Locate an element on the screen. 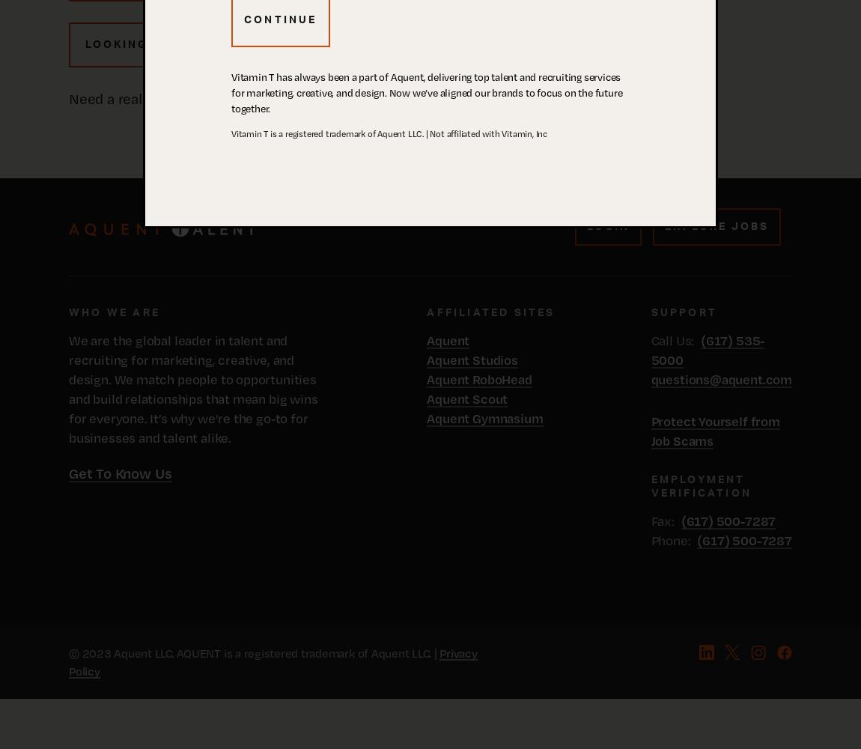  'Fax:' is located at coordinates (662, 520).